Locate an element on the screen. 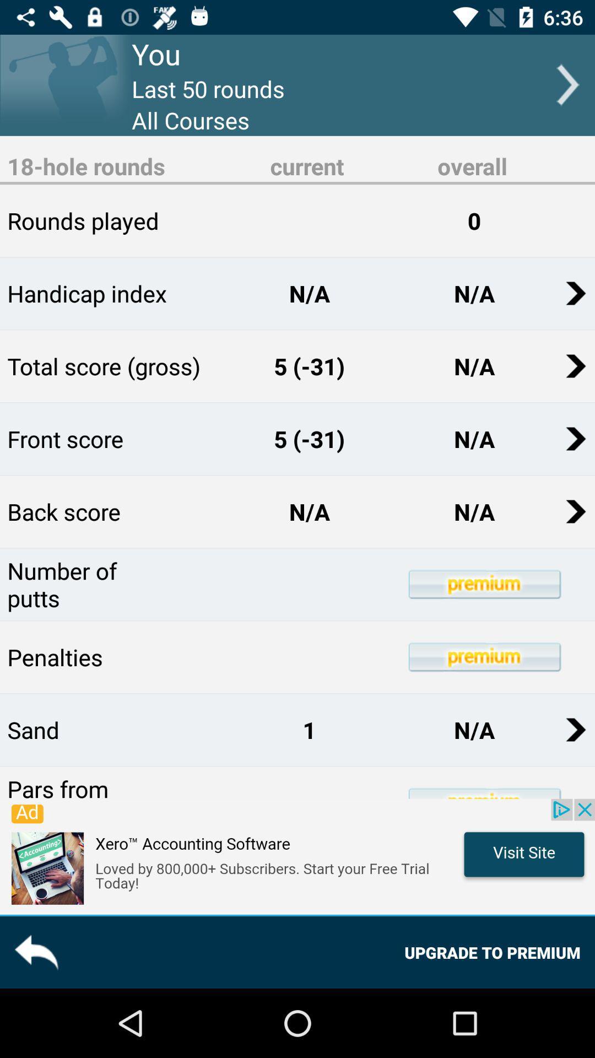  go back is located at coordinates (35, 952).